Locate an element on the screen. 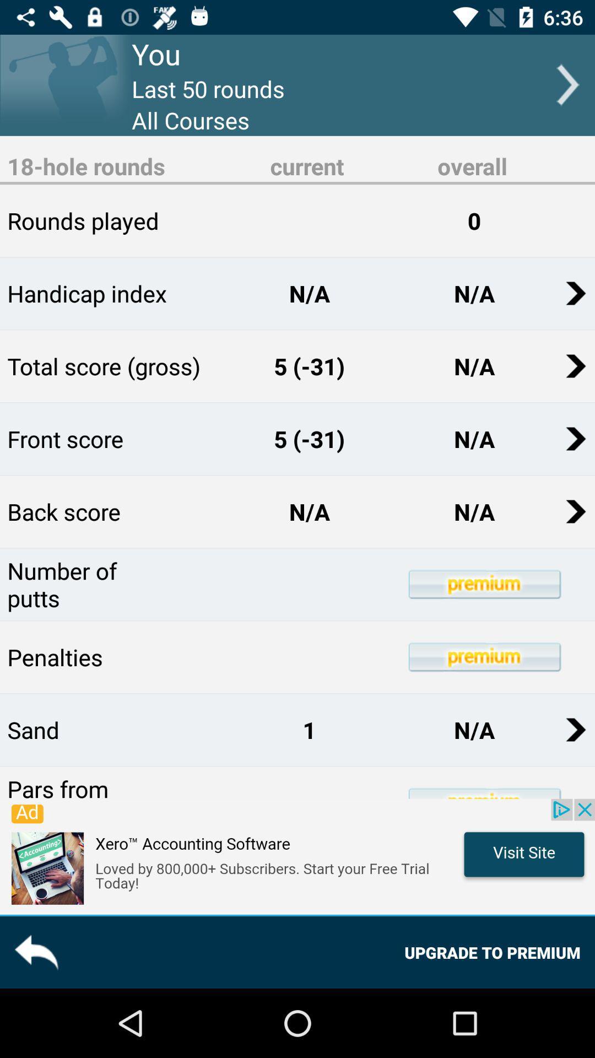  go back is located at coordinates (35, 952).